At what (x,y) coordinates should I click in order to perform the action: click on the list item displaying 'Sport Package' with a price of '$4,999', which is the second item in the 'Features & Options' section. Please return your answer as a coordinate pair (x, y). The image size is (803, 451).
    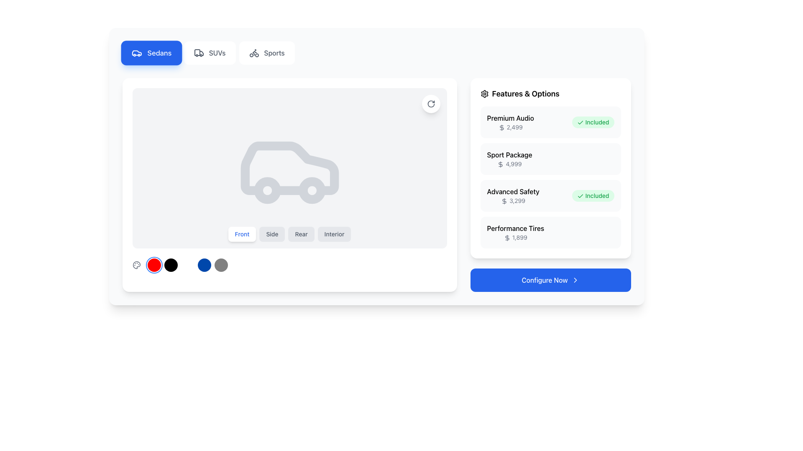
    Looking at the image, I should click on (550, 159).